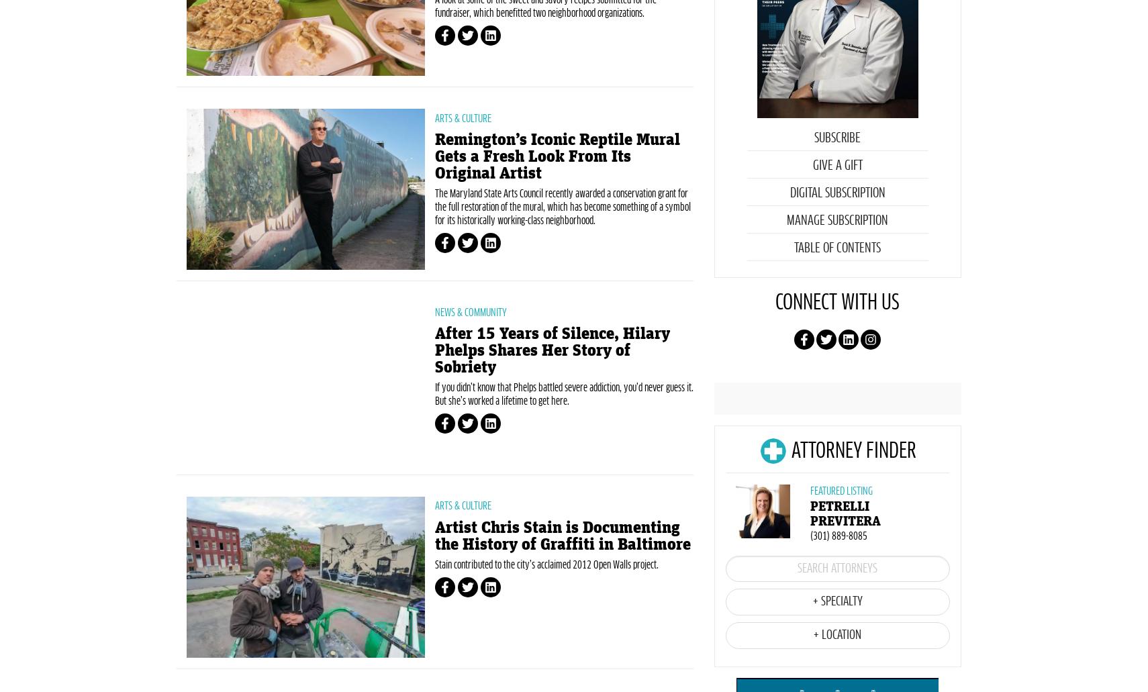 The height and width of the screenshot is (692, 1148). What do you see at coordinates (563, 465) in the screenshot?
I see `'If you didn’t know that Phelps battled severe addiction, you’d never guess it. But she’s worked a lifetime to get here.'` at bounding box center [563, 465].